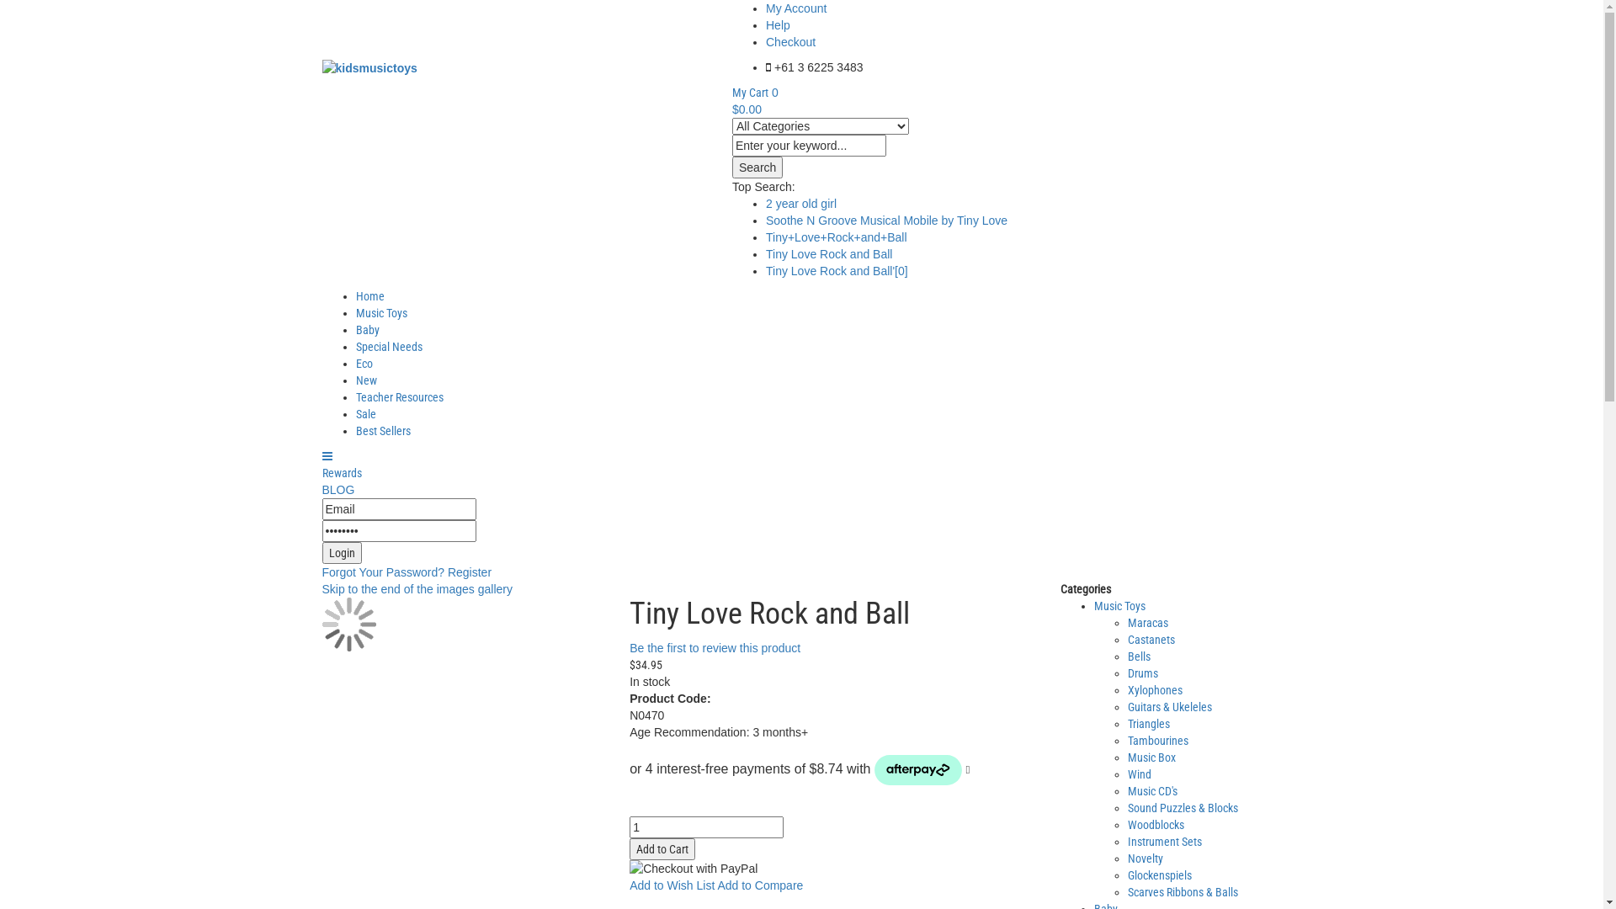 Image resolution: width=1616 pixels, height=909 pixels. Describe the element at coordinates (1182, 891) in the screenshot. I see `'Scarves Ribbons & Balls'` at that location.